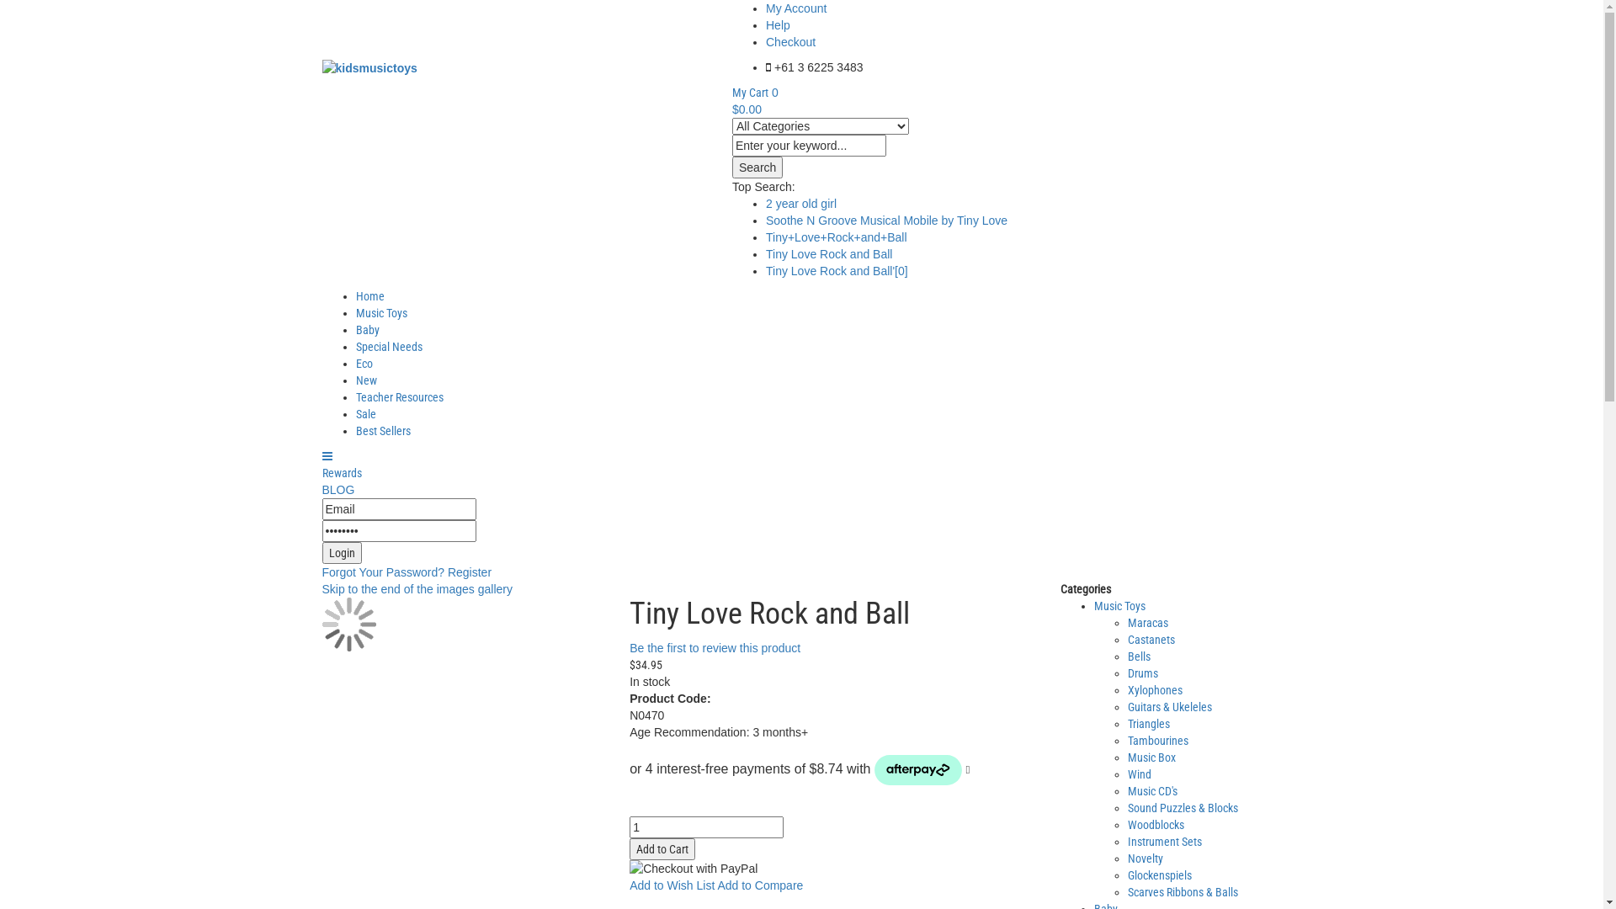 Image resolution: width=1616 pixels, height=909 pixels. Describe the element at coordinates (1182, 891) in the screenshot. I see `'Scarves Ribbons & Balls'` at that location.